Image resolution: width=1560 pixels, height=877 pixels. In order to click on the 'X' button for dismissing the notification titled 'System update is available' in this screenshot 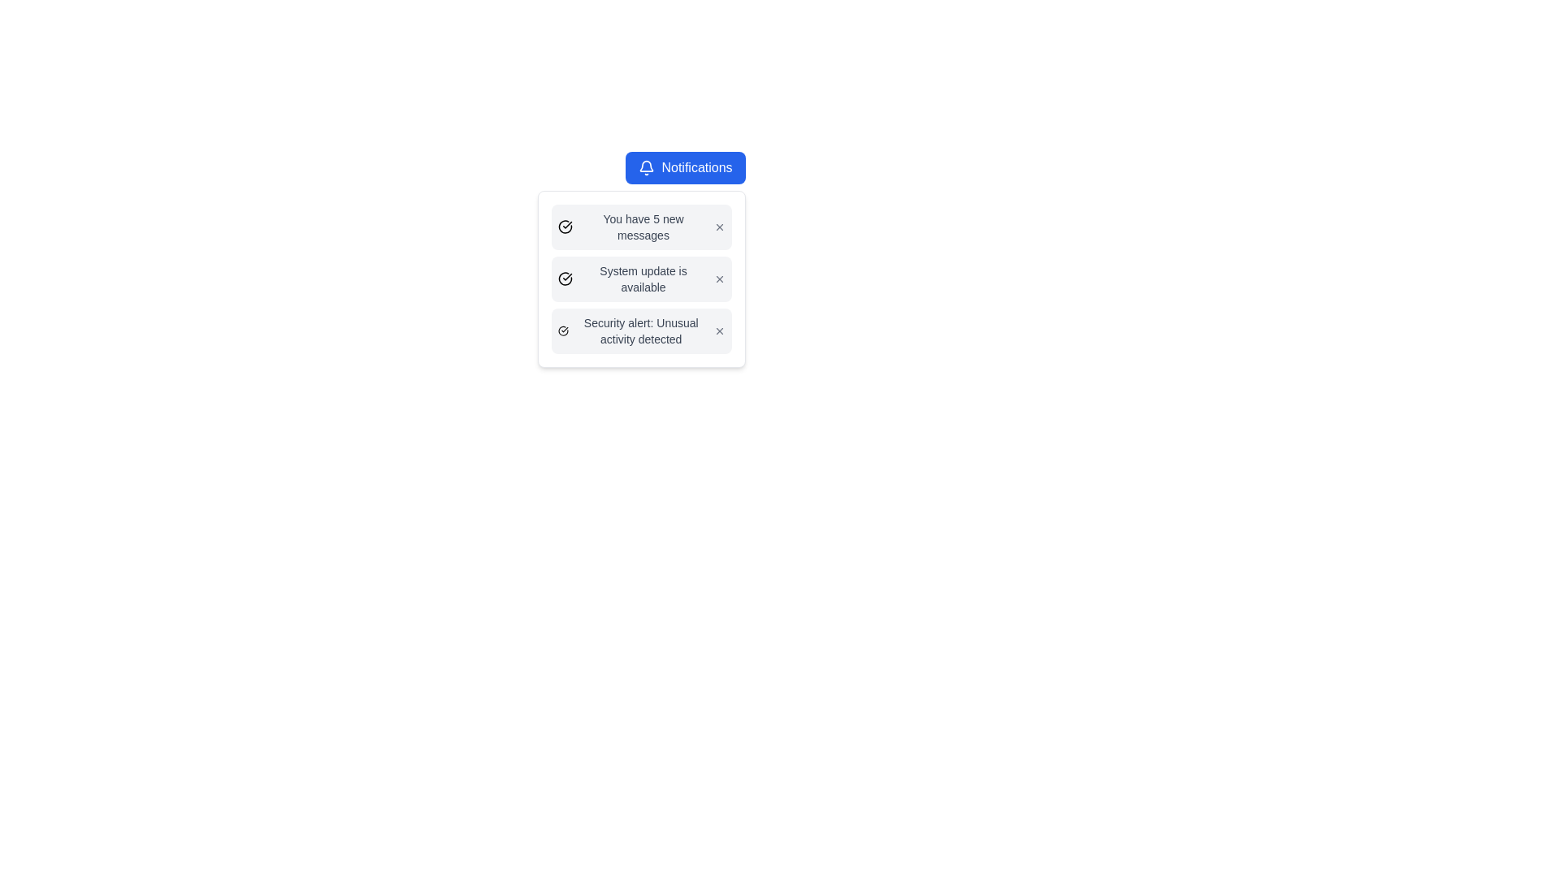, I will do `click(718, 278)`.